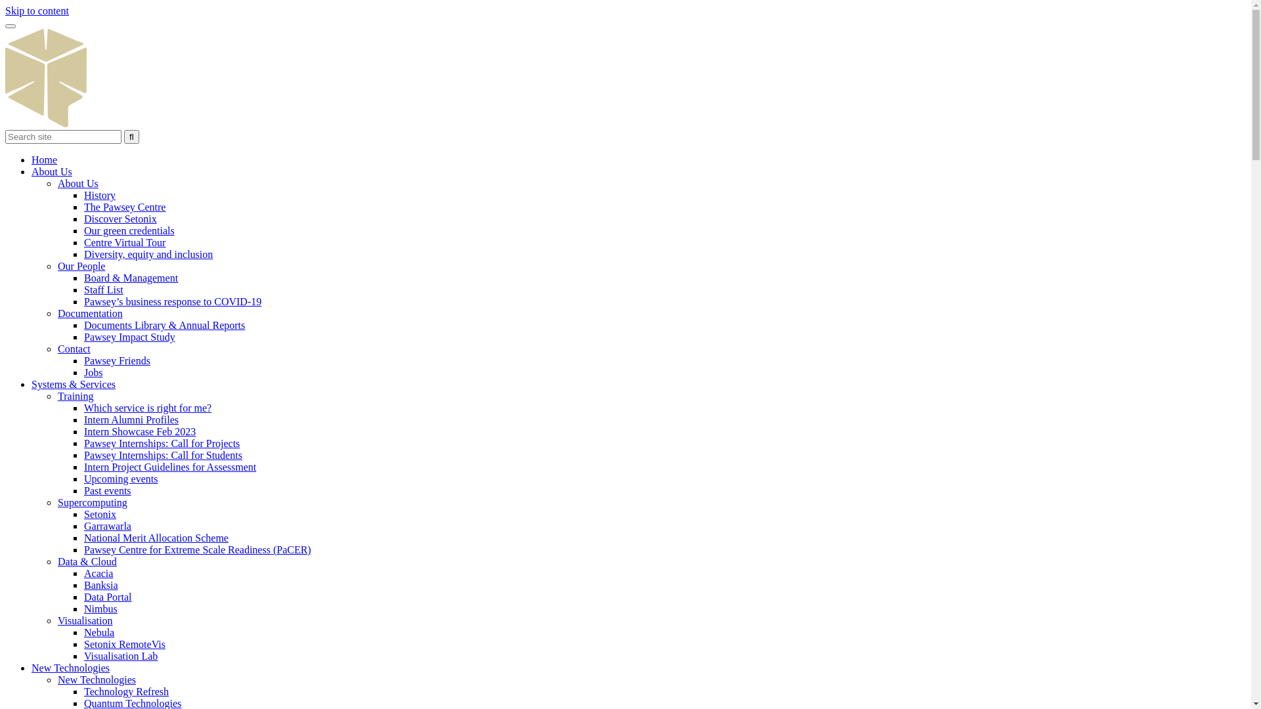 Image resolution: width=1261 pixels, height=709 pixels. What do you see at coordinates (83, 336) in the screenshot?
I see `'Pawsey Impact Study'` at bounding box center [83, 336].